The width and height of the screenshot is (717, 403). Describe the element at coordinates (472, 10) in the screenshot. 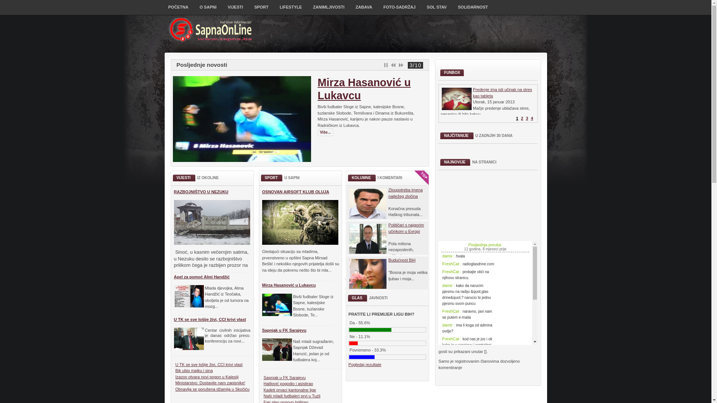

I see `'SOLIDARNOST'` at that location.